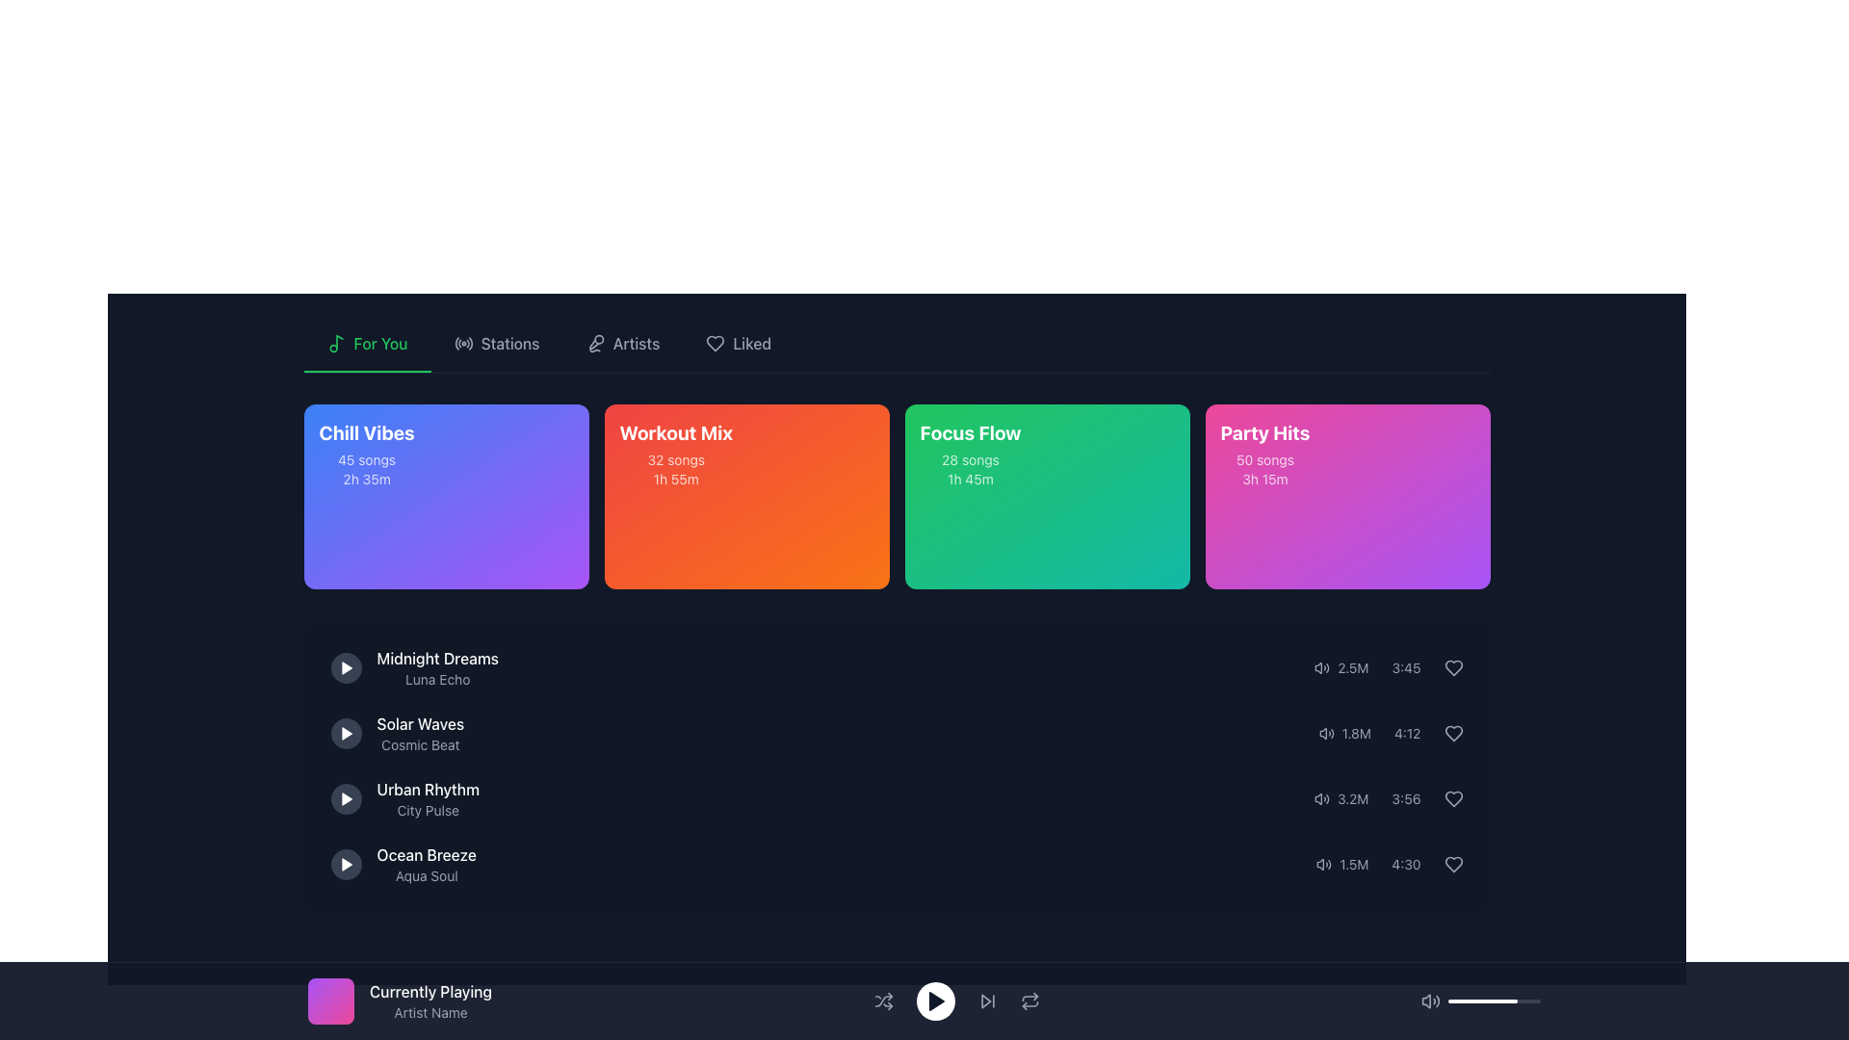 The width and height of the screenshot is (1849, 1040). I want to click on the text display for metadata element showing '1.8M' and '4:12', located near the bottom right corner of the playlist item 'Solar Waves', so click(1391, 734).